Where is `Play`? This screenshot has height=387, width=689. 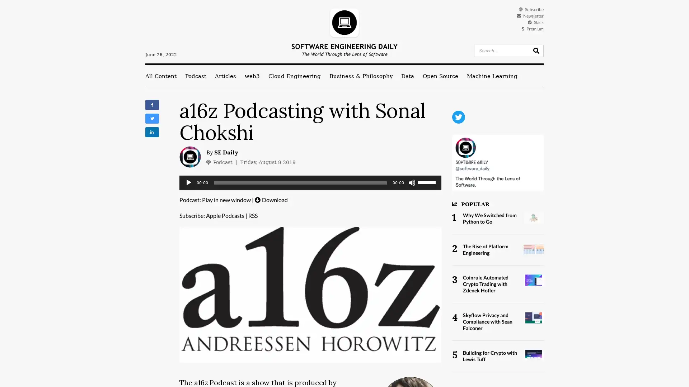 Play is located at coordinates (188, 182).